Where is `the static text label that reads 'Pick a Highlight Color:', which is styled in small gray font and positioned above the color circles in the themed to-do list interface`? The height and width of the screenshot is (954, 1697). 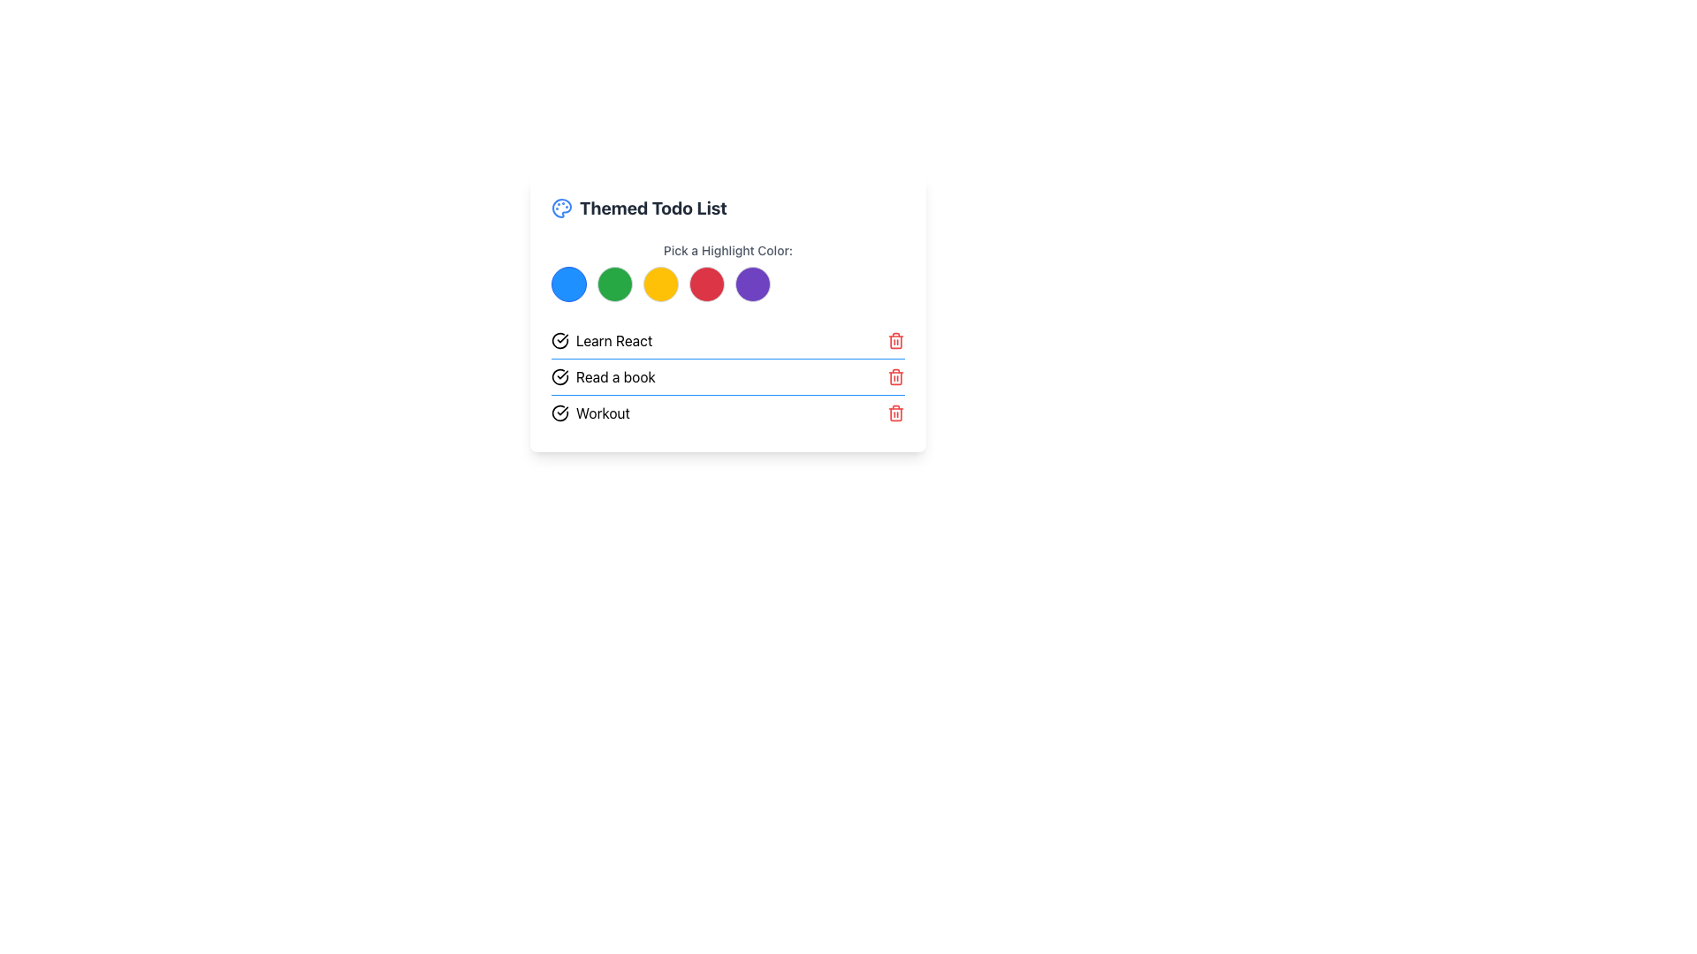
the static text label that reads 'Pick a Highlight Color:', which is styled in small gray font and positioned above the color circles in the themed to-do list interface is located at coordinates (728, 251).